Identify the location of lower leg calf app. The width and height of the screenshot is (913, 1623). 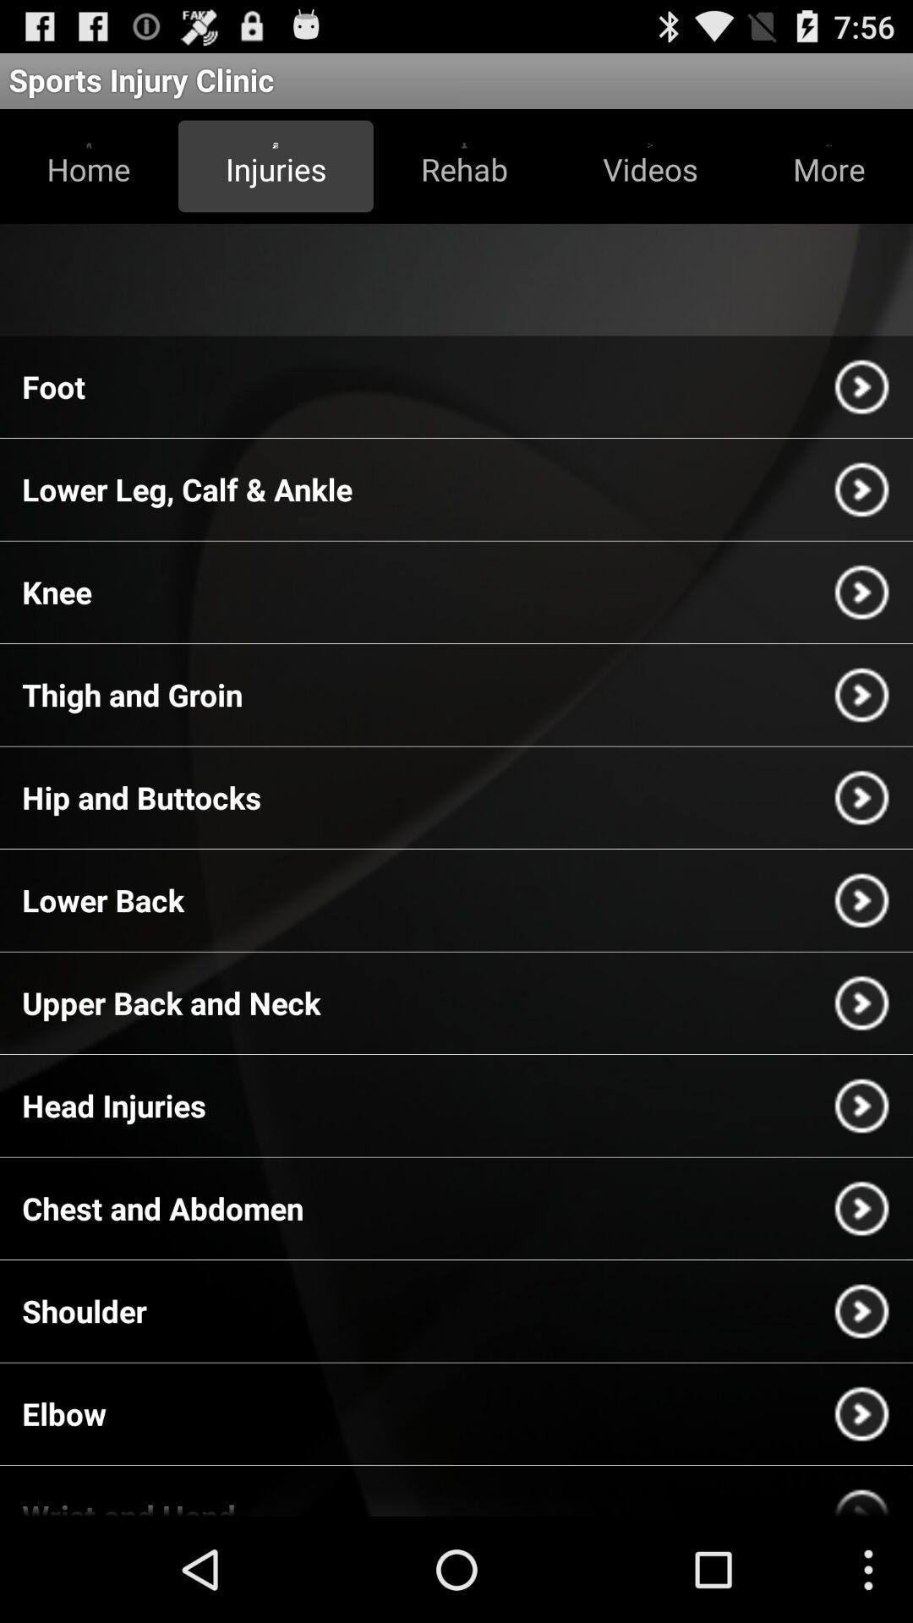
(187, 489).